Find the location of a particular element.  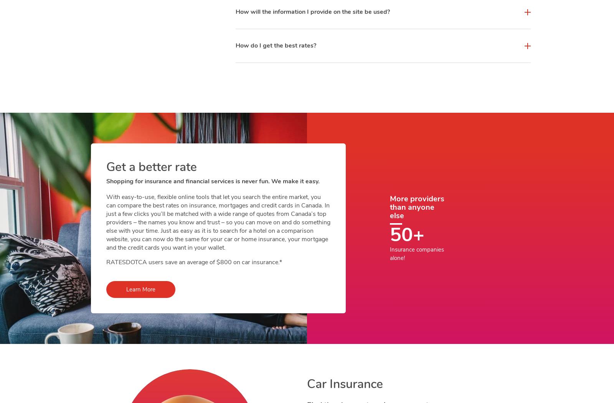

'50+' is located at coordinates (390, 234).